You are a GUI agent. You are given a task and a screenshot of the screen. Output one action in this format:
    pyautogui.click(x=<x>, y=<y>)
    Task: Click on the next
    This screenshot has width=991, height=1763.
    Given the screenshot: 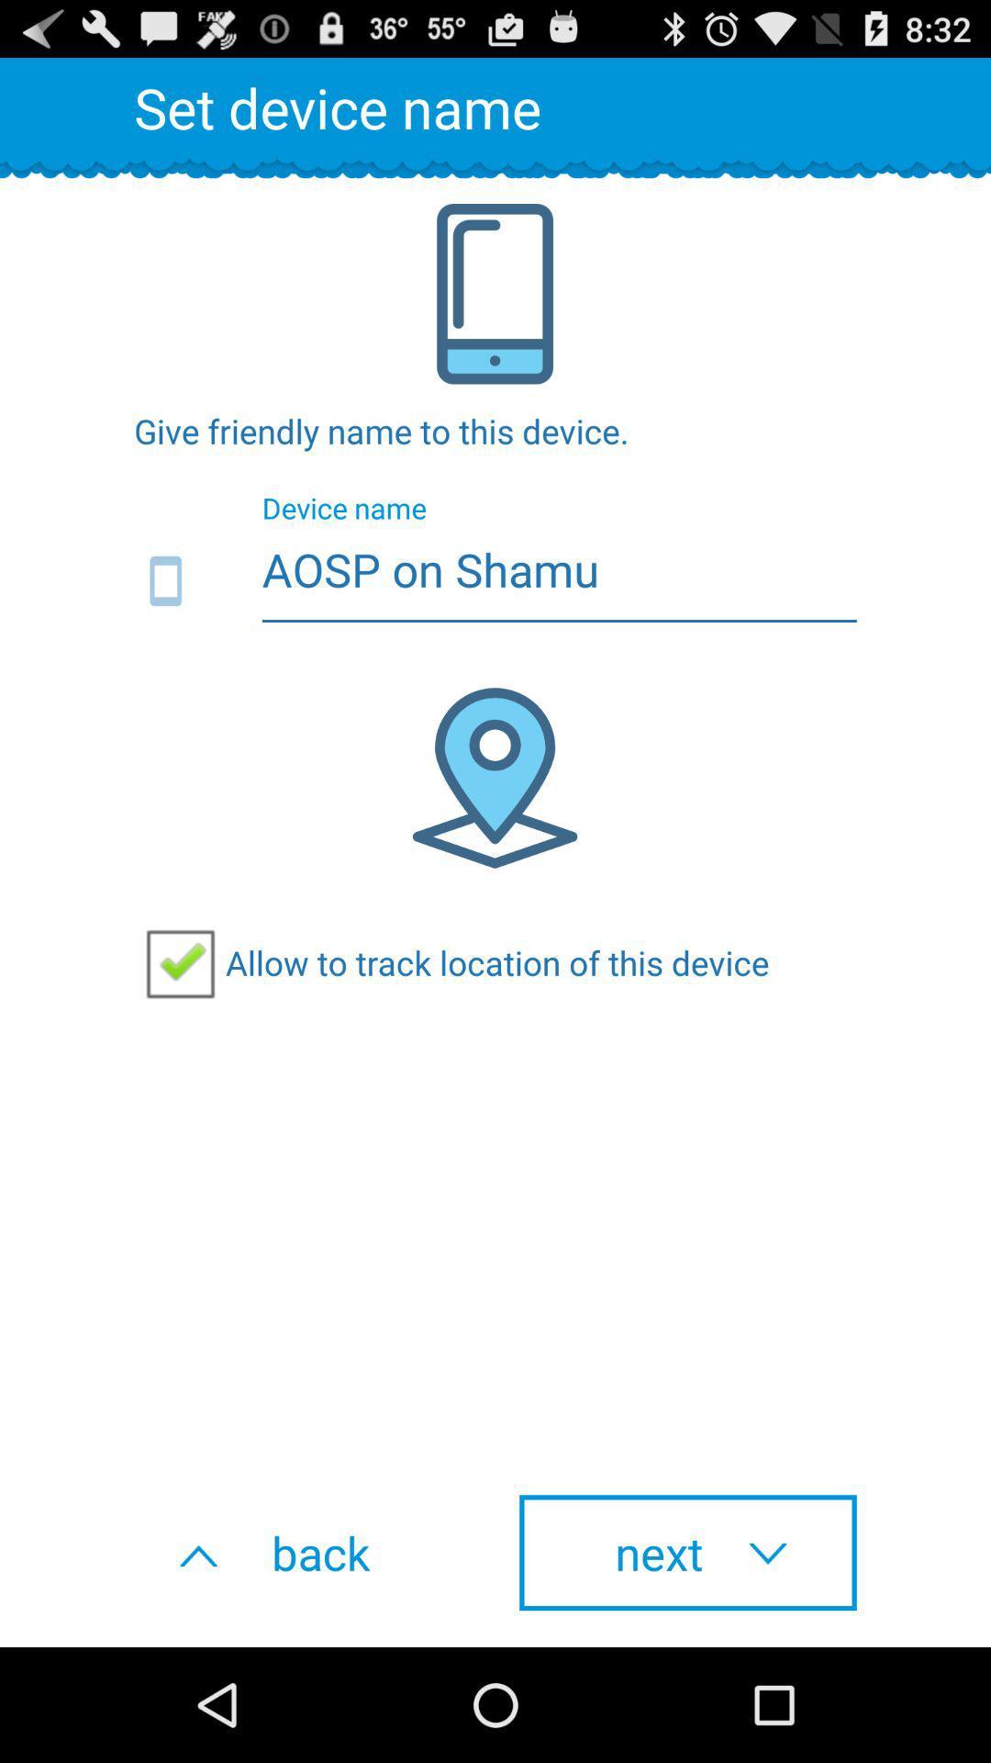 What is the action you would take?
    pyautogui.click(x=687, y=1552)
    